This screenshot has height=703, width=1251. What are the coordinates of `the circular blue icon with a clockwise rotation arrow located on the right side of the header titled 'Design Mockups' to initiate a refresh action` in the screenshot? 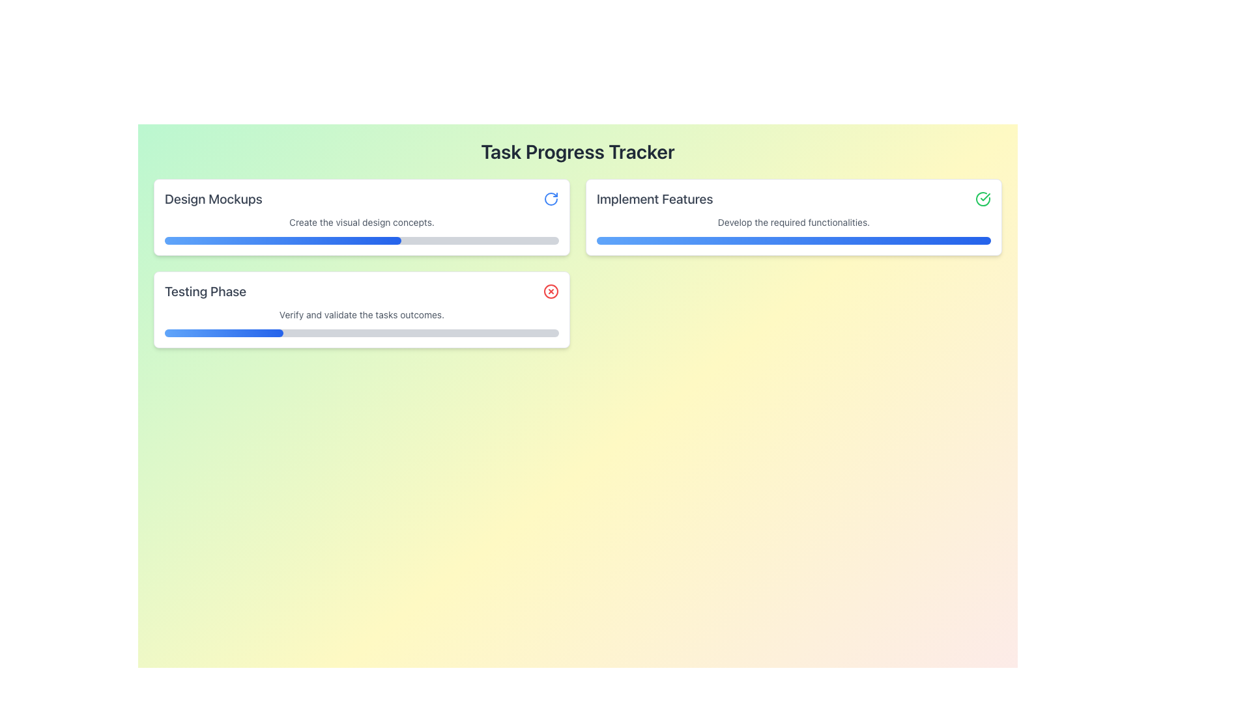 It's located at (551, 199).